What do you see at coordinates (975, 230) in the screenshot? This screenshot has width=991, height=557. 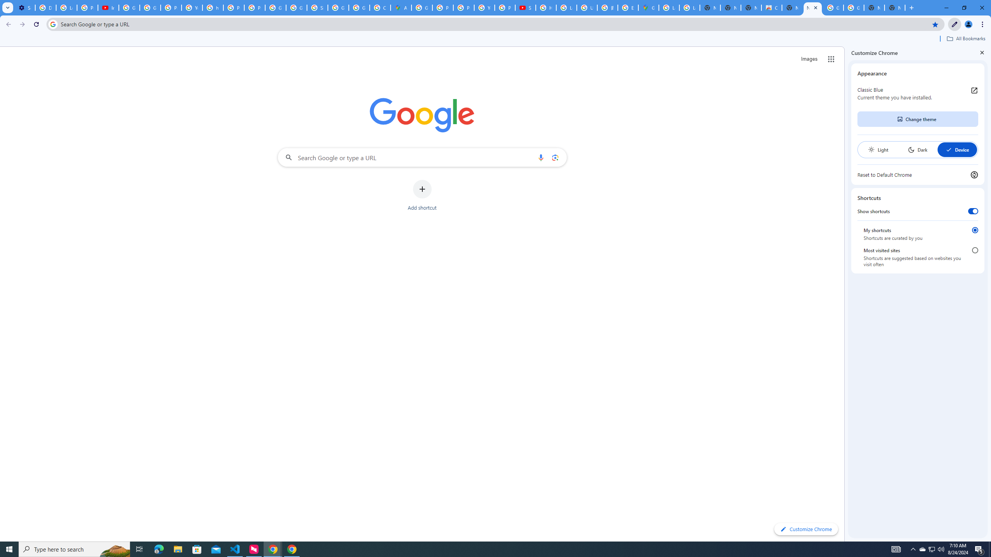 I see `'My shortcuts'` at bounding box center [975, 230].